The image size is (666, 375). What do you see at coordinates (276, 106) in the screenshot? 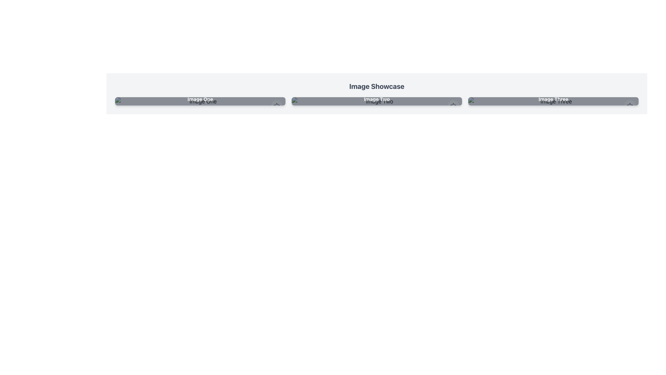
I see `the favorite button located in the top-right corner of the card displaying 'Image One' to mark or unmark it as a favorite` at bounding box center [276, 106].